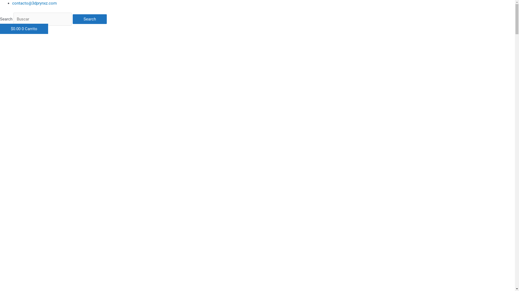  I want to click on 'contacto@3dprynxz.com', so click(34, 3).